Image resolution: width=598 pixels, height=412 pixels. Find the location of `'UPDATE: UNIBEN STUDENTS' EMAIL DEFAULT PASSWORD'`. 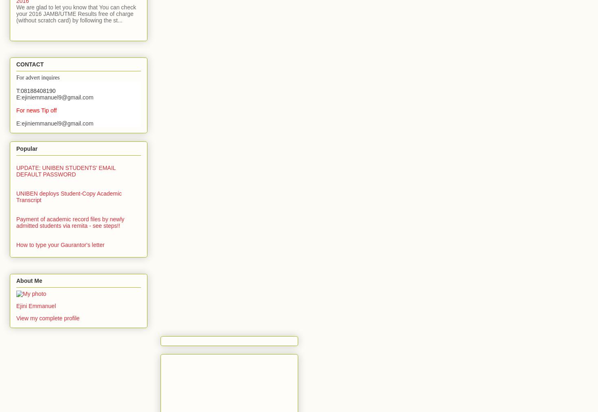

'UPDATE: UNIBEN STUDENTS' EMAIL DEFAULT PASSWORD' is located at coordinates (65, 170).